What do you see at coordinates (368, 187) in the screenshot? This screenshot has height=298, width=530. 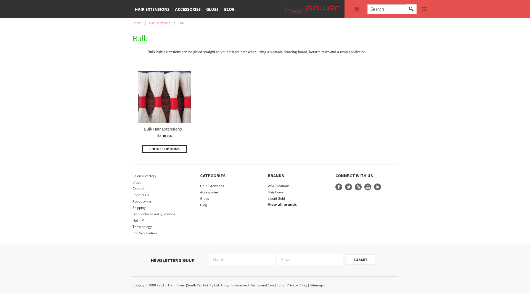 I see `'YouTube'` at bounding box center [368, 187].